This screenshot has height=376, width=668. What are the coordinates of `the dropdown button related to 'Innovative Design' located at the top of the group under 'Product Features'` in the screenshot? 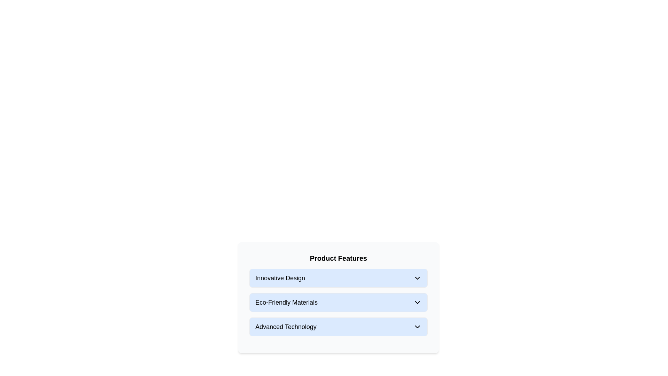 It's located at (339, 277).